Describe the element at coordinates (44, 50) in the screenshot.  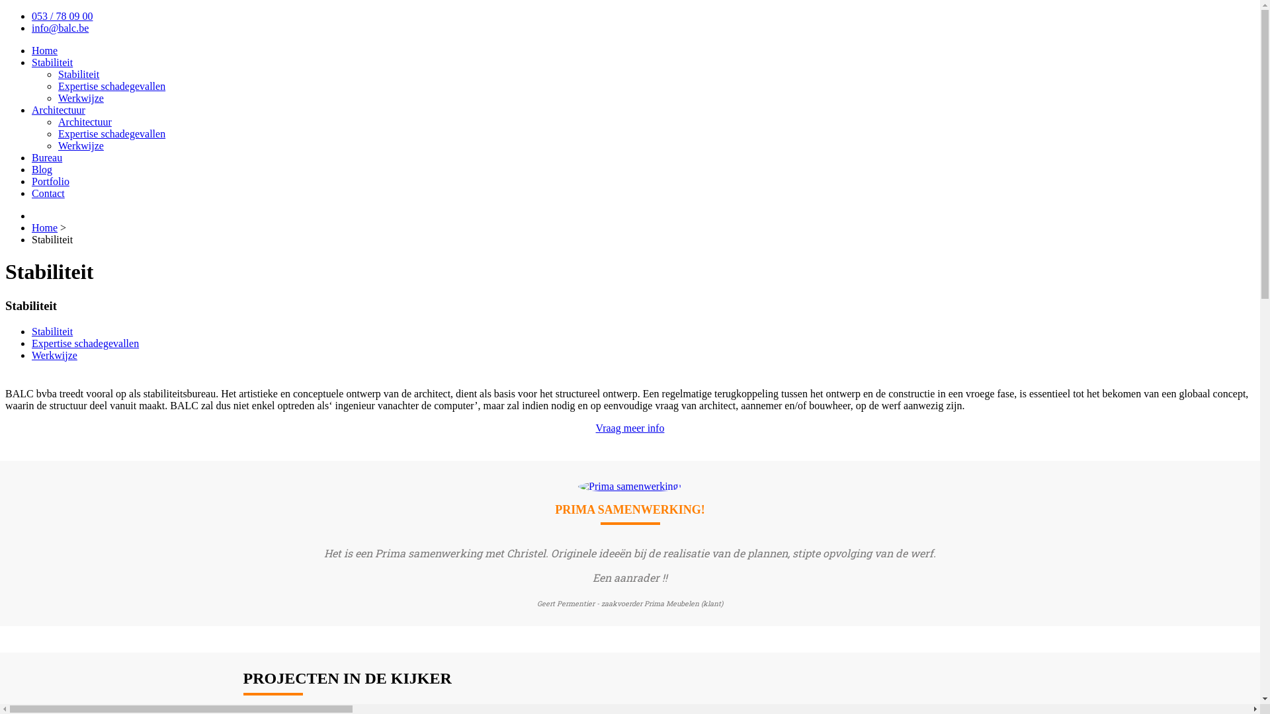
I see `'Home'` at that location.